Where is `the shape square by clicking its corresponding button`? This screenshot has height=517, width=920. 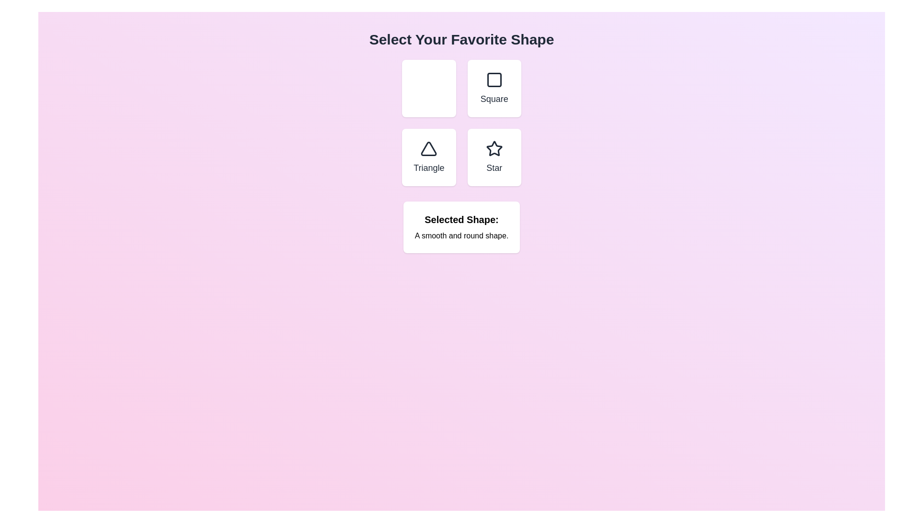
the shape square by clicking its corresponding button is located at coordinates (494, 89).